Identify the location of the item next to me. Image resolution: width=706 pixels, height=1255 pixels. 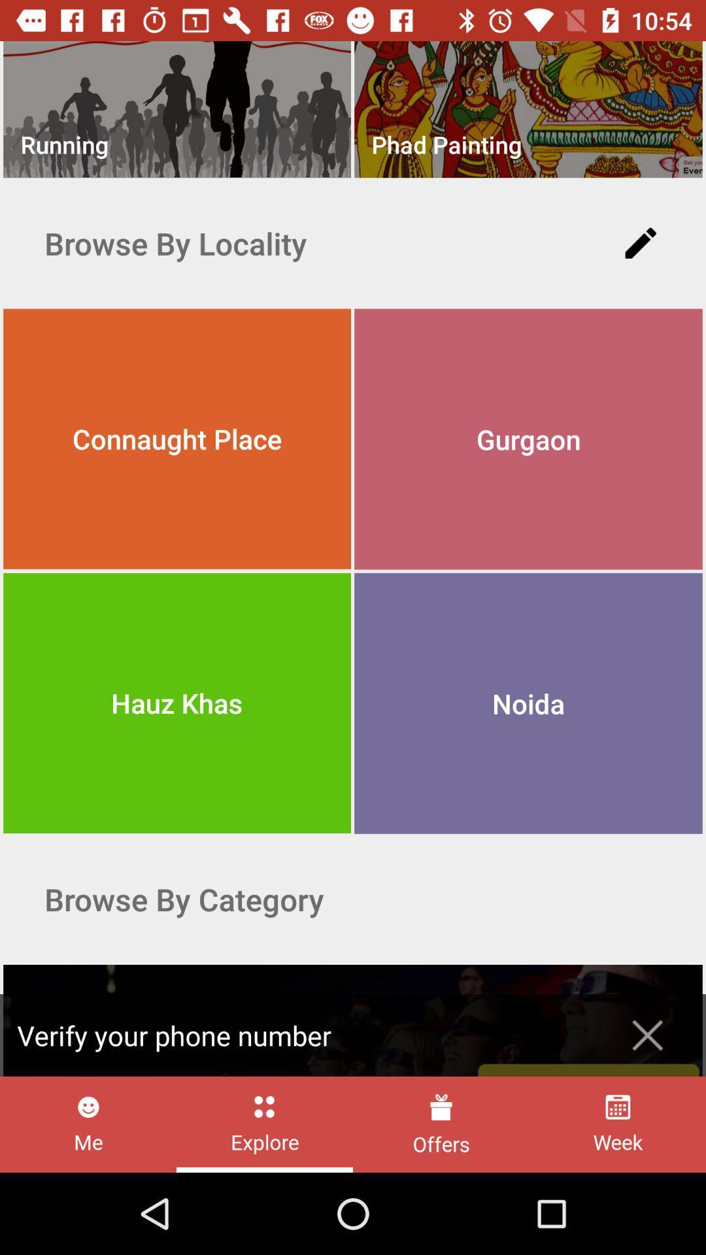
(265, 1124).